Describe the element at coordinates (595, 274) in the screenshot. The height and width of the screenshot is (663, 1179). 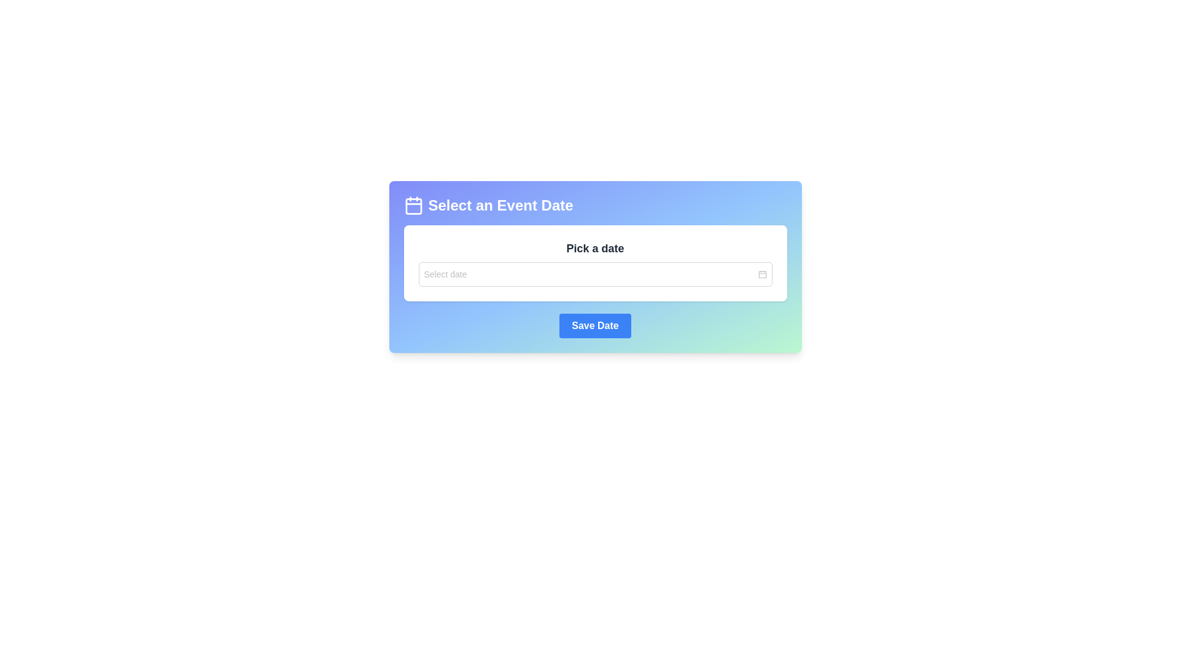
I see `the Input Field (Date Picker) labeled 'Pick a date'` at that location.